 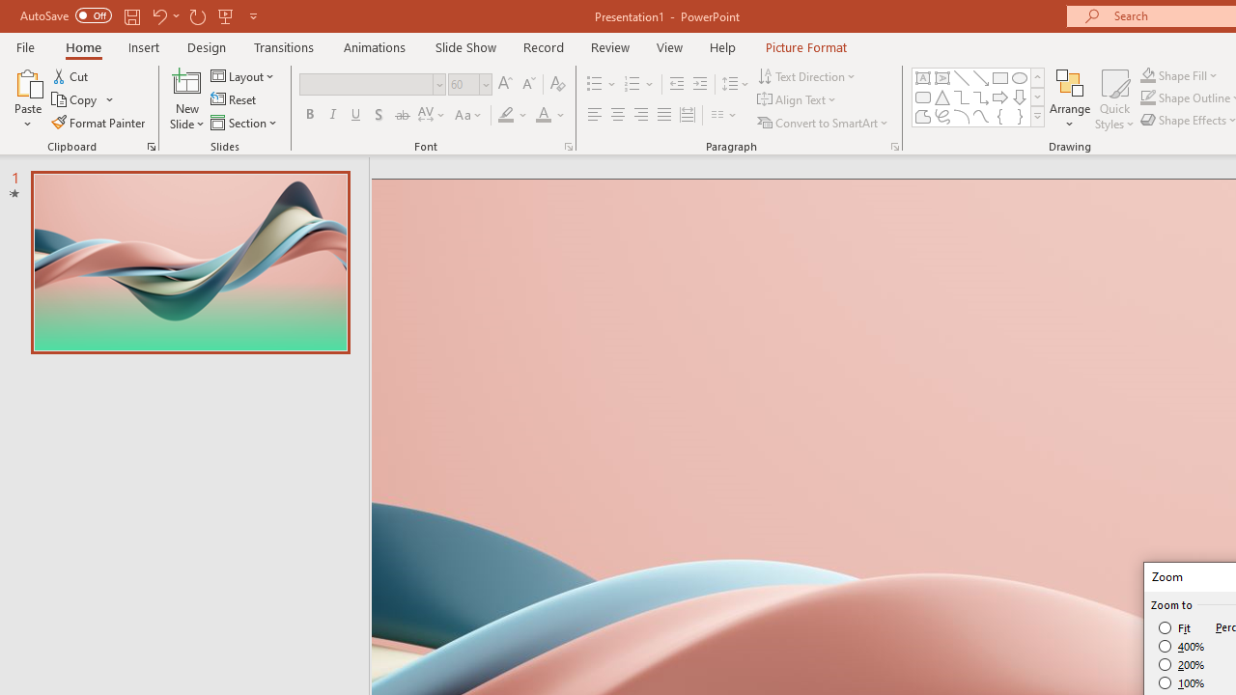 What do you see at coordinates (735, 83) in the screenshot?
I see `'Line Spacing'` at bounding box center [735, 83].